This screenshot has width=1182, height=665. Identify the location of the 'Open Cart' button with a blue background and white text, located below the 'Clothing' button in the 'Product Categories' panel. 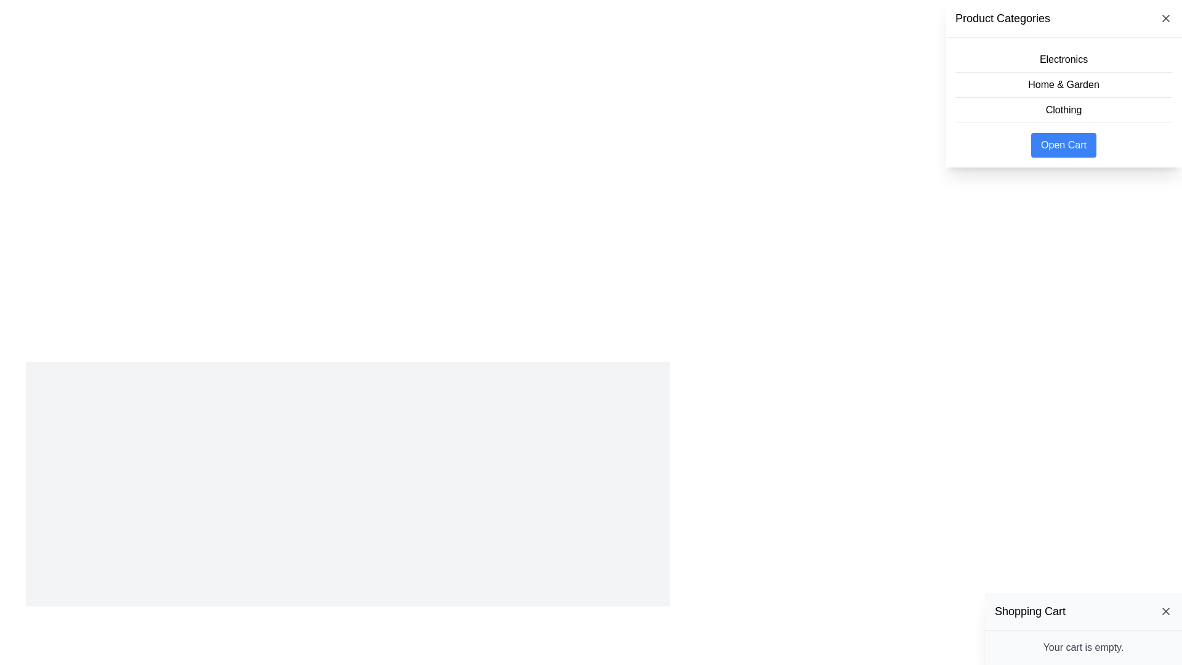
(1063, 144).